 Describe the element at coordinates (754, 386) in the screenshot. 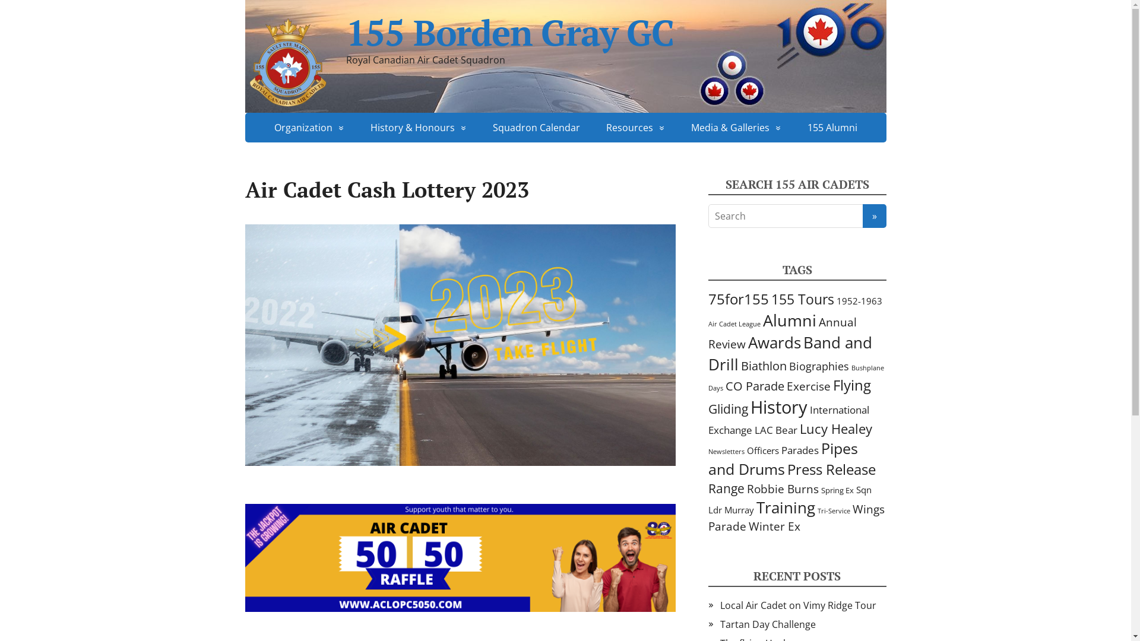

I see `'CO Parade'` at that location.